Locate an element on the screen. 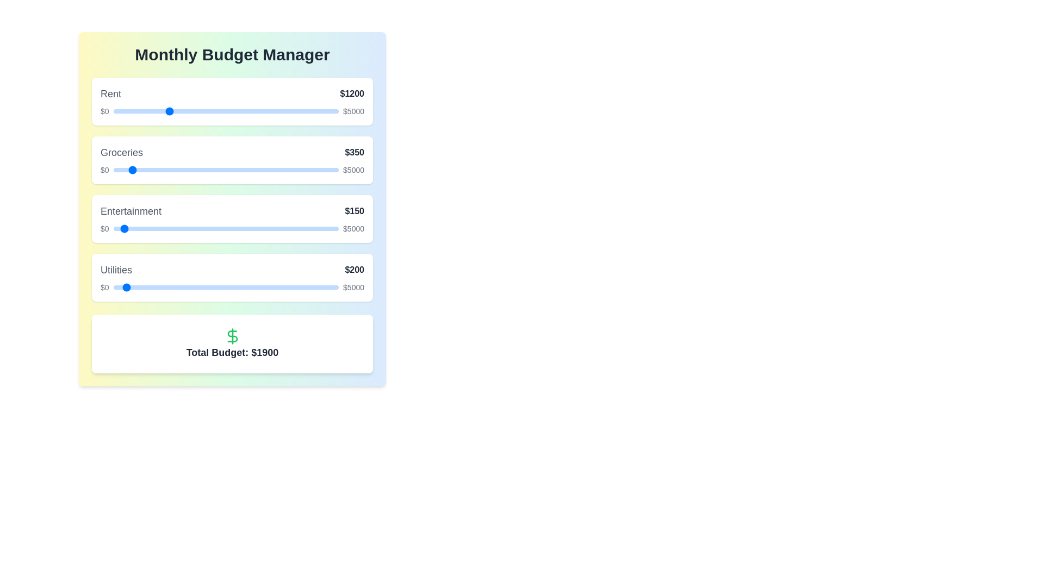  the thumb point of the horizontal range slider located in the 'Rent' section is located at coordinates (225, 111).